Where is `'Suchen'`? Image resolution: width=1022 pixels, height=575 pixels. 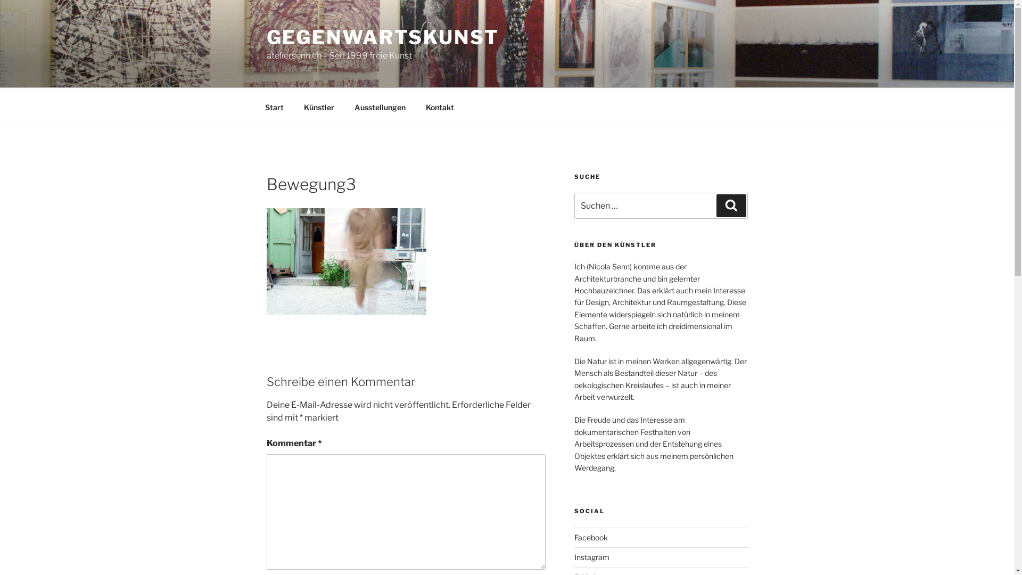 'Suchen' is located at coordinates (730, 205).